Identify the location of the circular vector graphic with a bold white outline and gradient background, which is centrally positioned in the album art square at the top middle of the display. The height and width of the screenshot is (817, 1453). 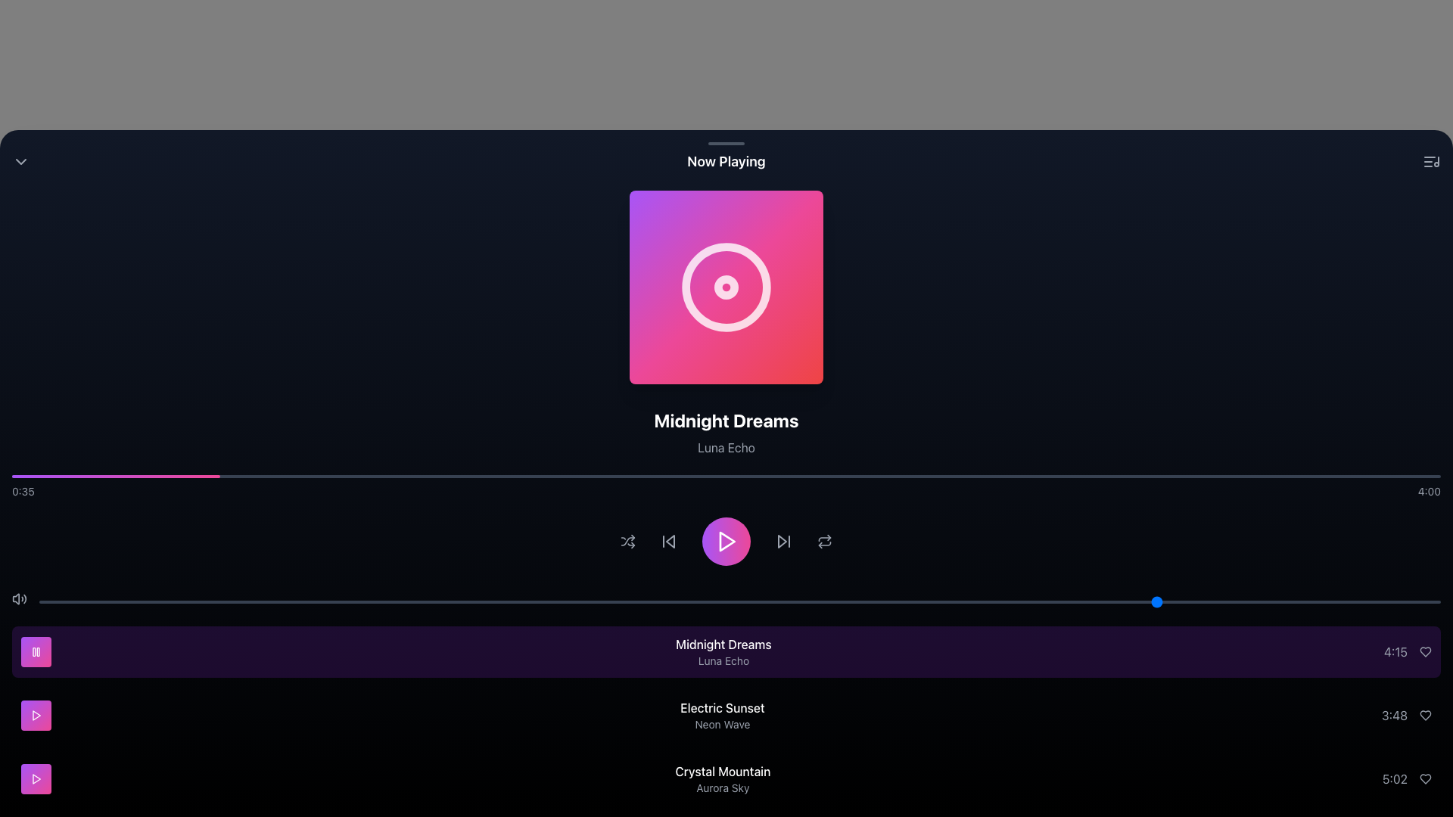
(726, 287).